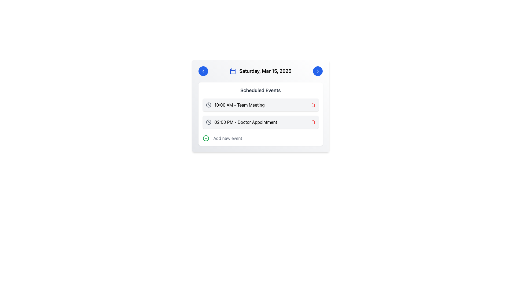 Image resolution: width=515 pixels, height=290 pixels. I want to click on the circular blue button with a white left-pointing chevron icon, located on the left side of the date header for 'Saturday, Mar 15, 2025', so click(203, 71).